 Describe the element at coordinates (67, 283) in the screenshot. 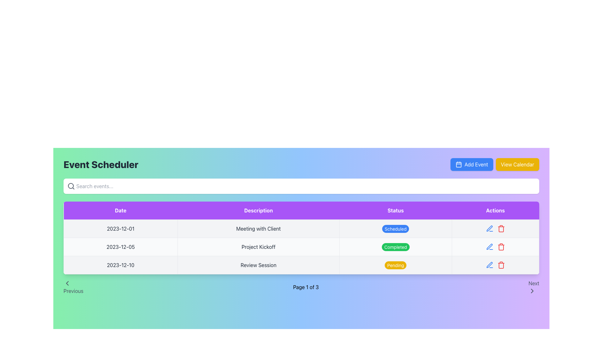

I see `the left-pointing arrow-shaped SVG icon located near the bottom-left corner of the interface, adjacent to the text 'Previous'` at that location.